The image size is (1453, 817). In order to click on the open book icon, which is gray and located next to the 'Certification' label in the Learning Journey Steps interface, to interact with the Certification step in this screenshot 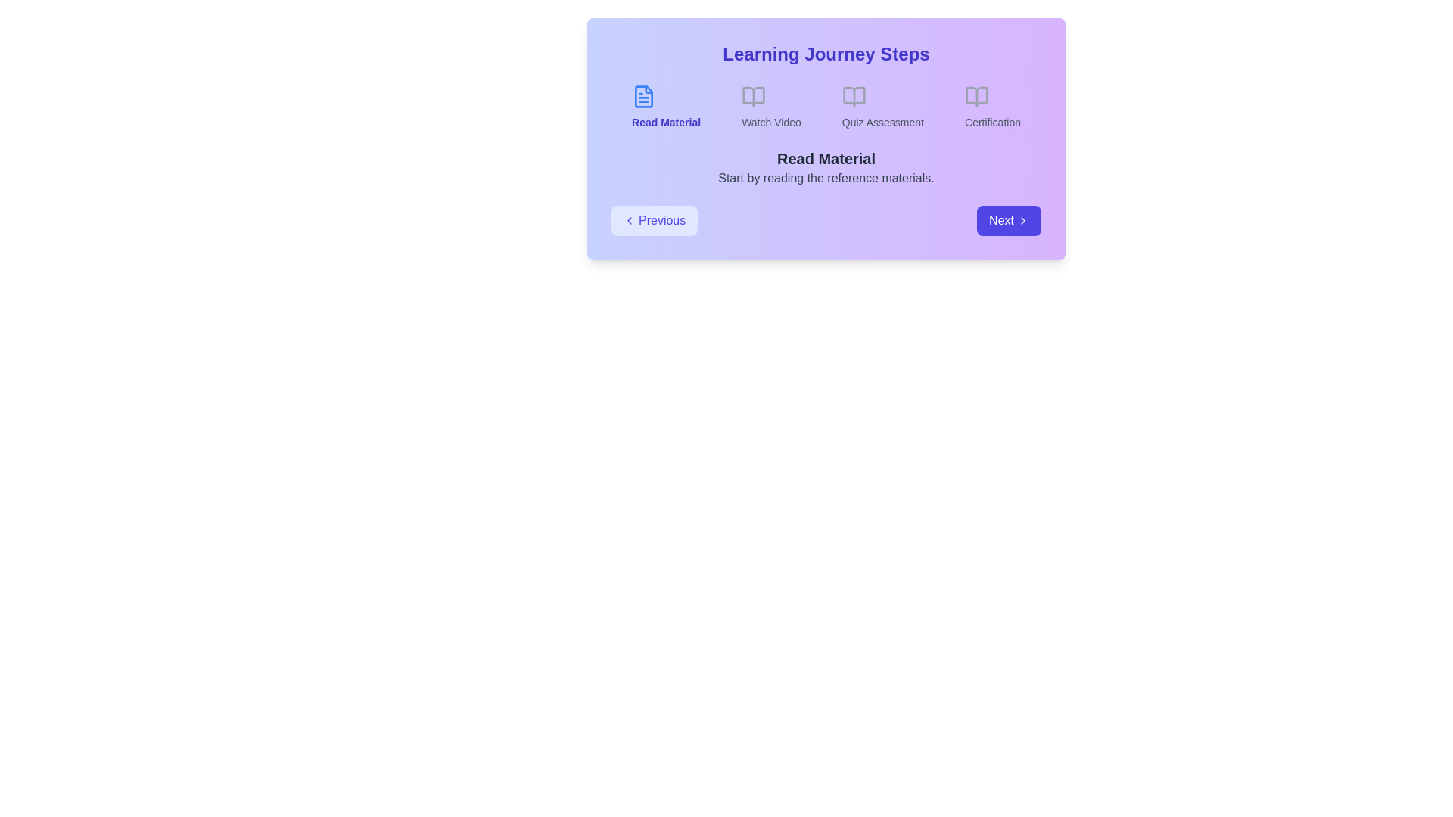, I will do `click(977, 96)`.